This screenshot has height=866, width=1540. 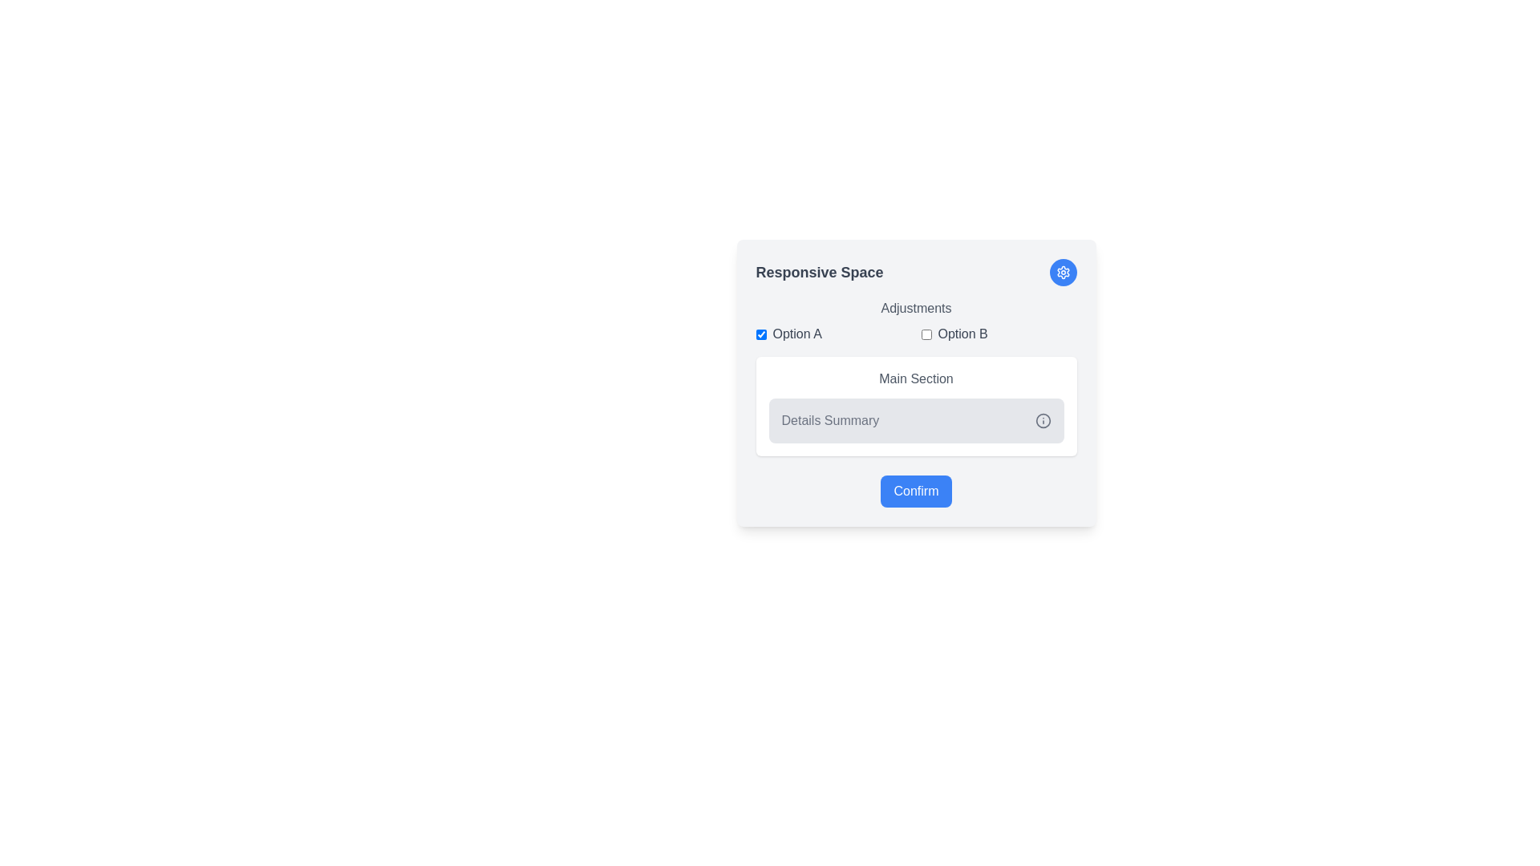 I want to click on the checkbox styled as a square with rounded corners and an unfilled border, located to the left of the text 'Option B', so click(x=926, y=333).